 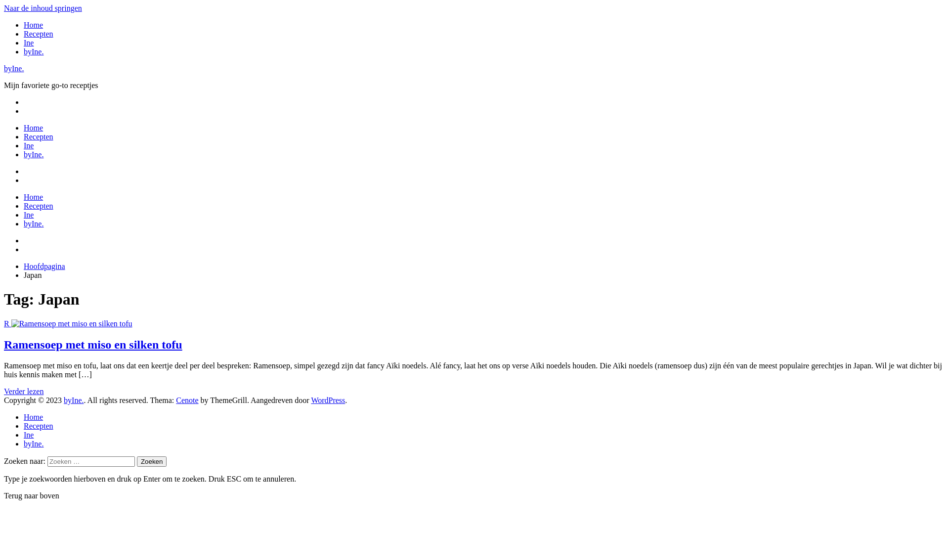 I want to click on 'Recepten', so click(x=38, y=33).